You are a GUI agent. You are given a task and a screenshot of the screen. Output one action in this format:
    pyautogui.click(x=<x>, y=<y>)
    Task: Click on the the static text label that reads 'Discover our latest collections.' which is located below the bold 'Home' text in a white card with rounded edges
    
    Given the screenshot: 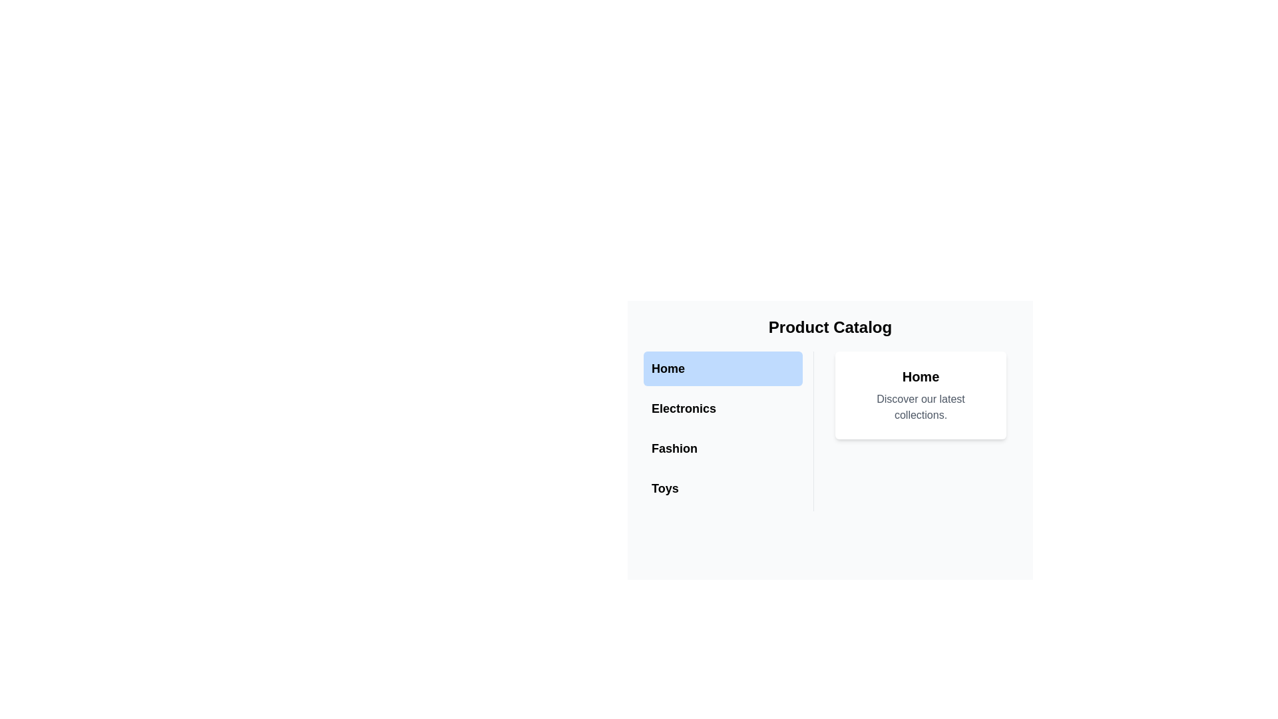 What is the action you would take?
    pyautogui.click(x=920, y=407)
    